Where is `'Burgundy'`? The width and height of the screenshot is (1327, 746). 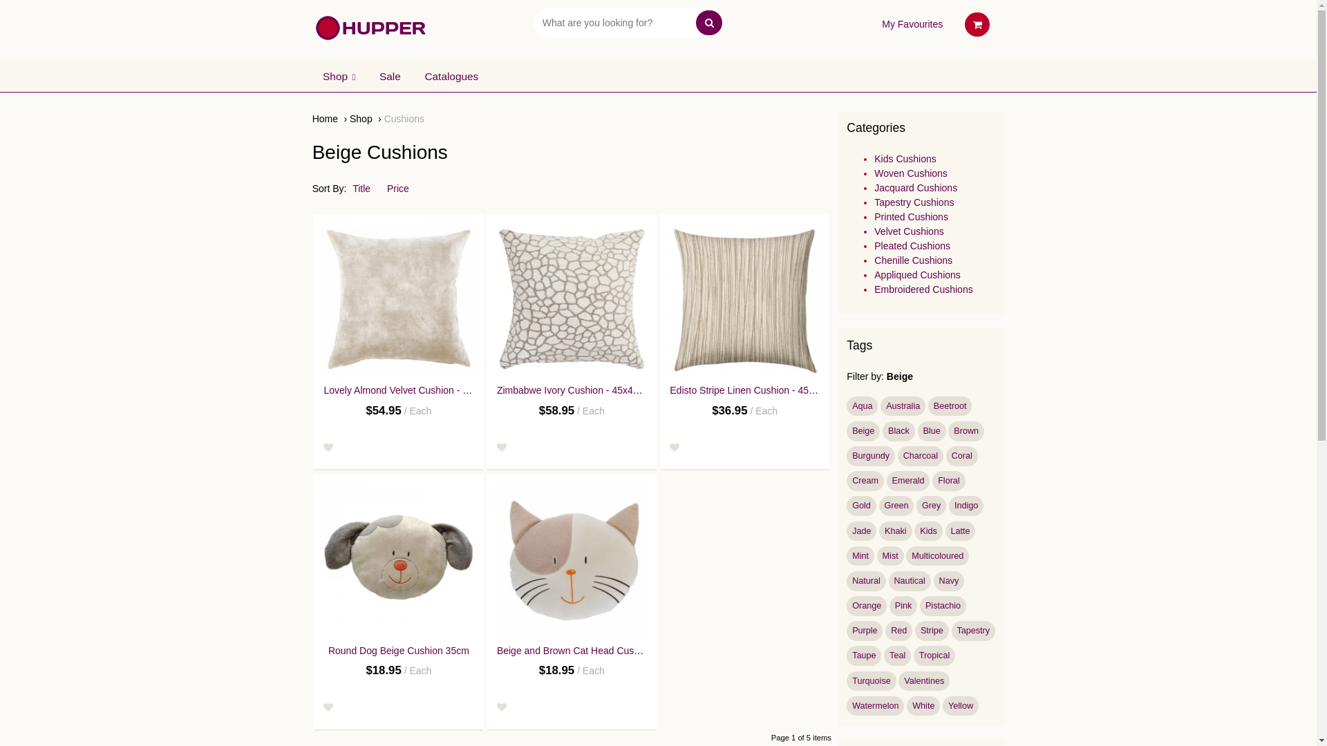 'Burgundy' is located at coordinates (845, 456).